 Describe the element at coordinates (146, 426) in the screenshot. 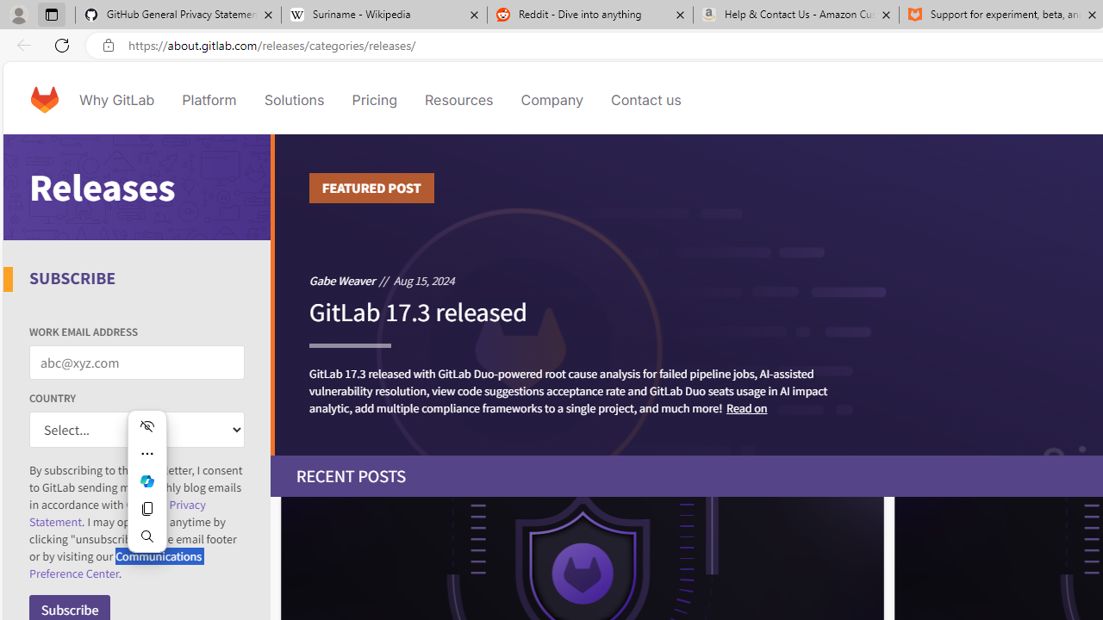

I see `'Hide menu'` at that location.